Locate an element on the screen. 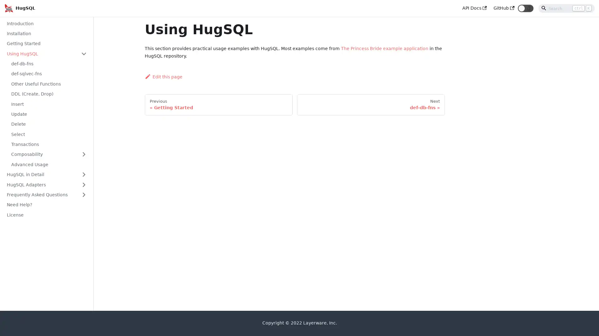  Toggle the collapsible sidebar category 'Using HugSQL' is located at coordinates (83, 53).